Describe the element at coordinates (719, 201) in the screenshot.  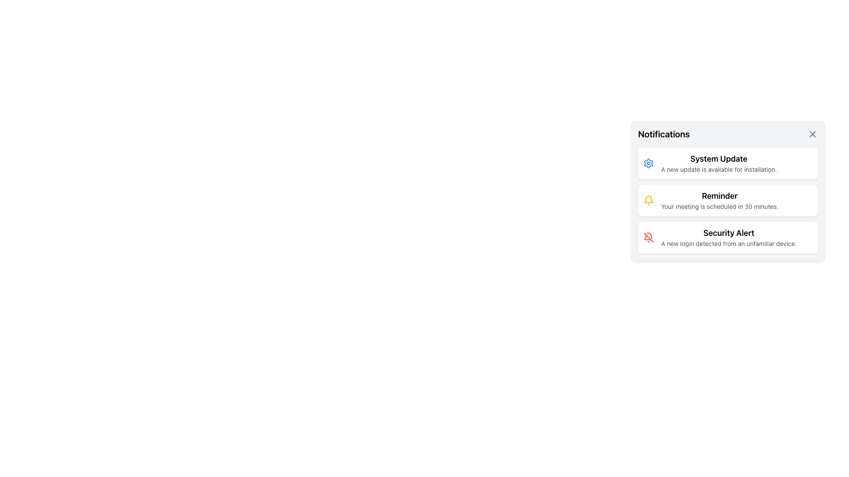
I see `the Notification Item displaying the message 'Your meeting is scheduled in 30 minutes' with a bold header 'Reminder'` at that location.